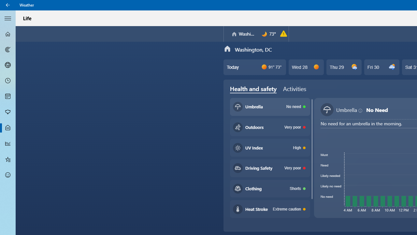 The width and height of the screenshot is (417, 235). Describe the element at coordinates (8, 34) in the screenshot. I see `'Forecast - Not Selected'` at that location.